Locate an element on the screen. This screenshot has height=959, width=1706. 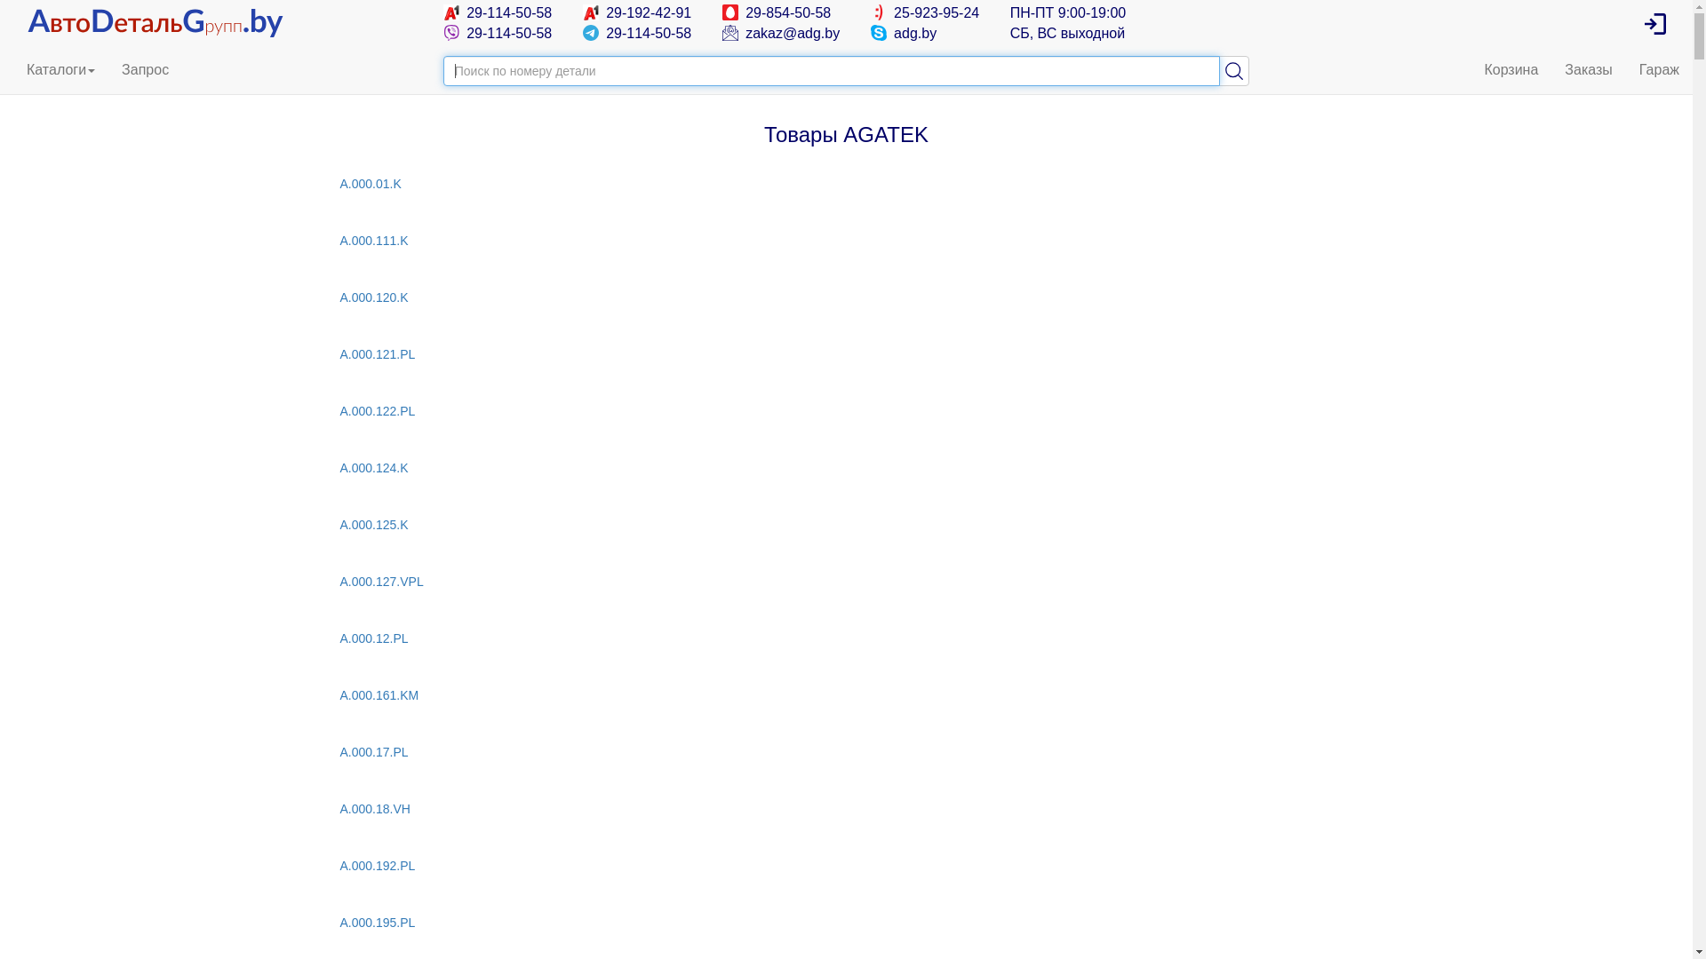
'A.000.120.K' is located at coordinates (844, 297).